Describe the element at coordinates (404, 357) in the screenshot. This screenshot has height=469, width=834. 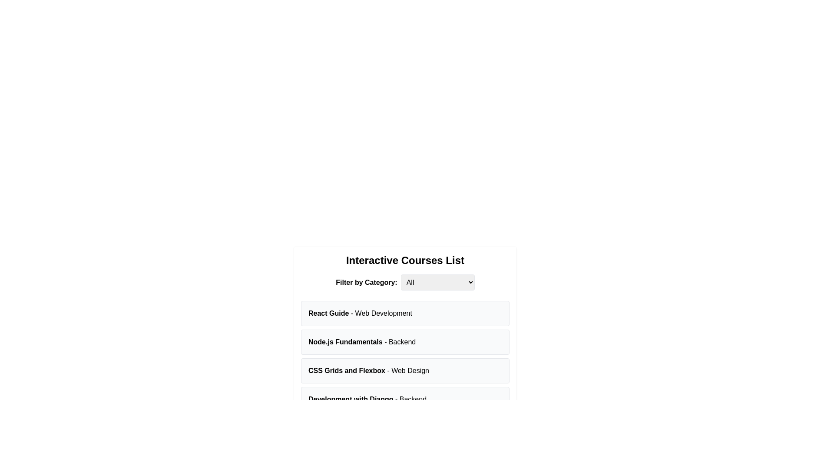
I see `the third item in the 'Interactive Courses List' which represents a course summary or title for further interaction` at that location.